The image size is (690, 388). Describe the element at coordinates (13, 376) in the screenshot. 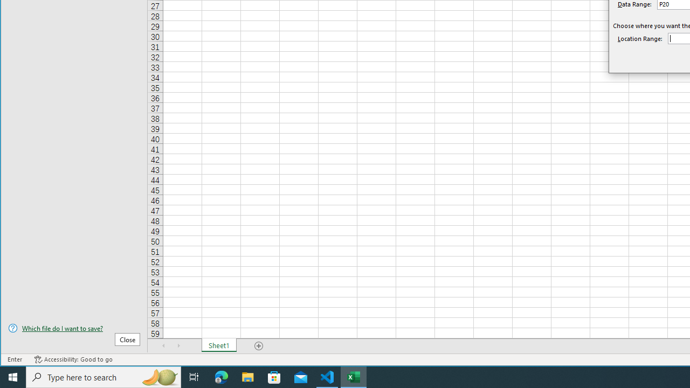

I see `'Start'` at that location.